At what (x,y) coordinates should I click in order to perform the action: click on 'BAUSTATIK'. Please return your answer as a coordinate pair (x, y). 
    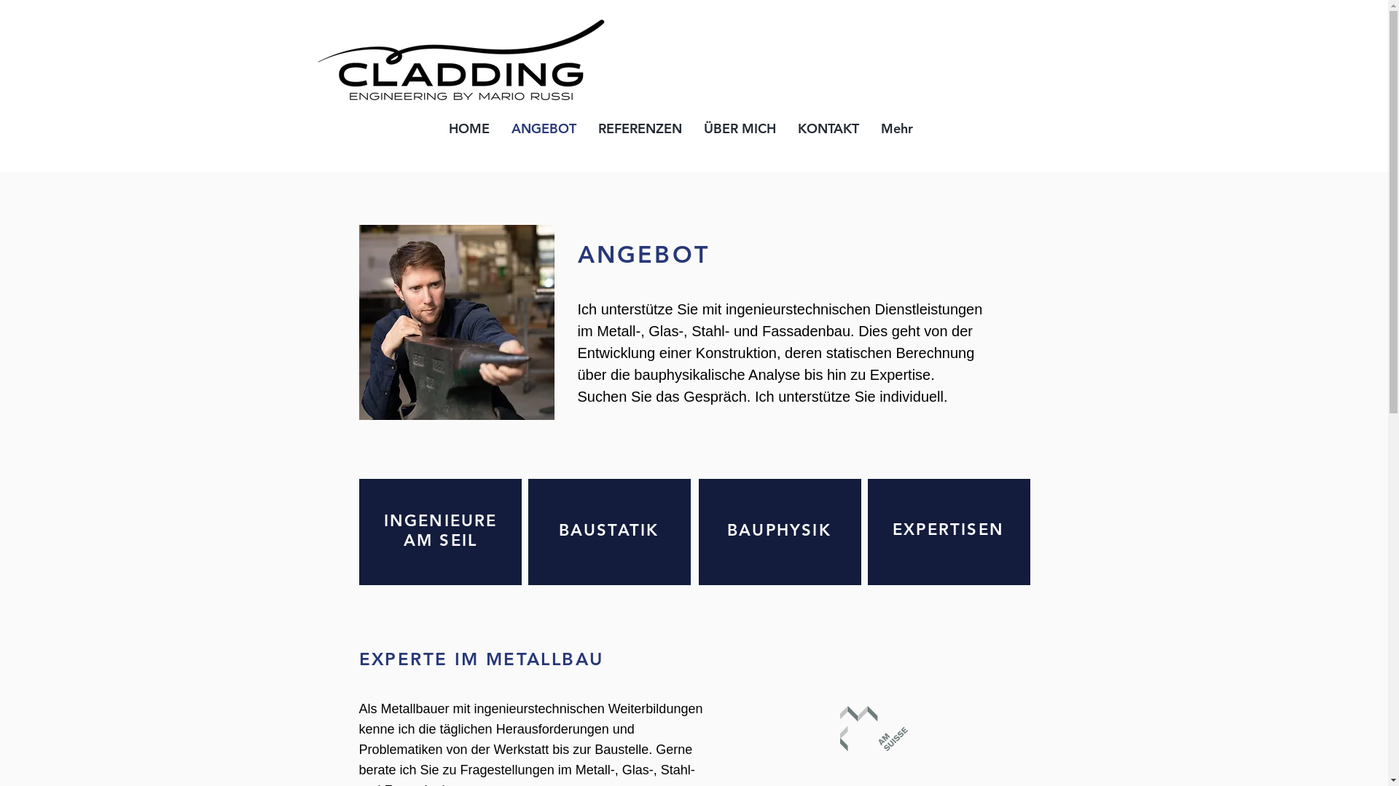
    Looking at the image, I should click on (608, 530).